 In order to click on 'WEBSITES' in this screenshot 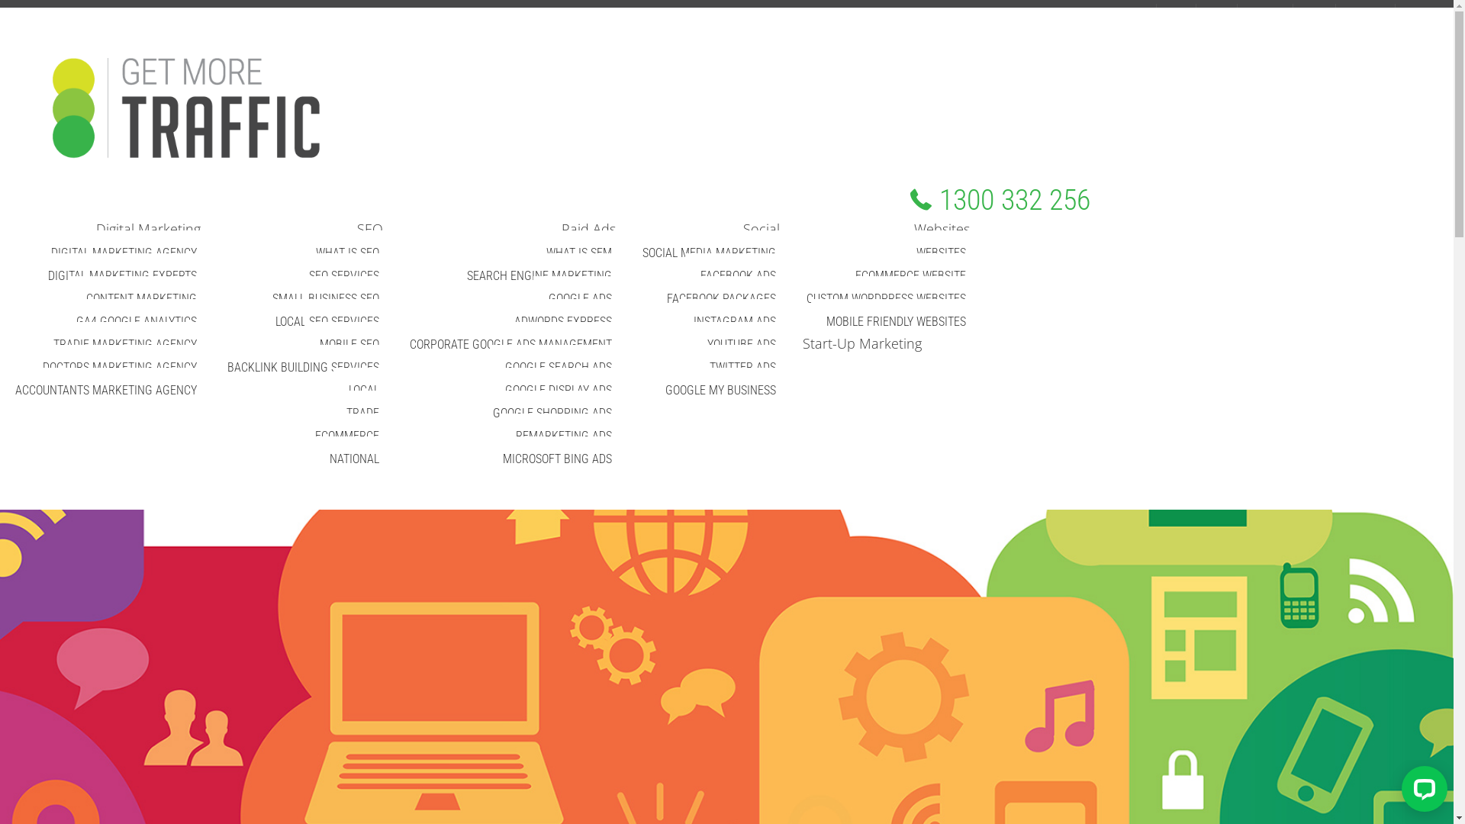, I will do `click(940, 252)`.